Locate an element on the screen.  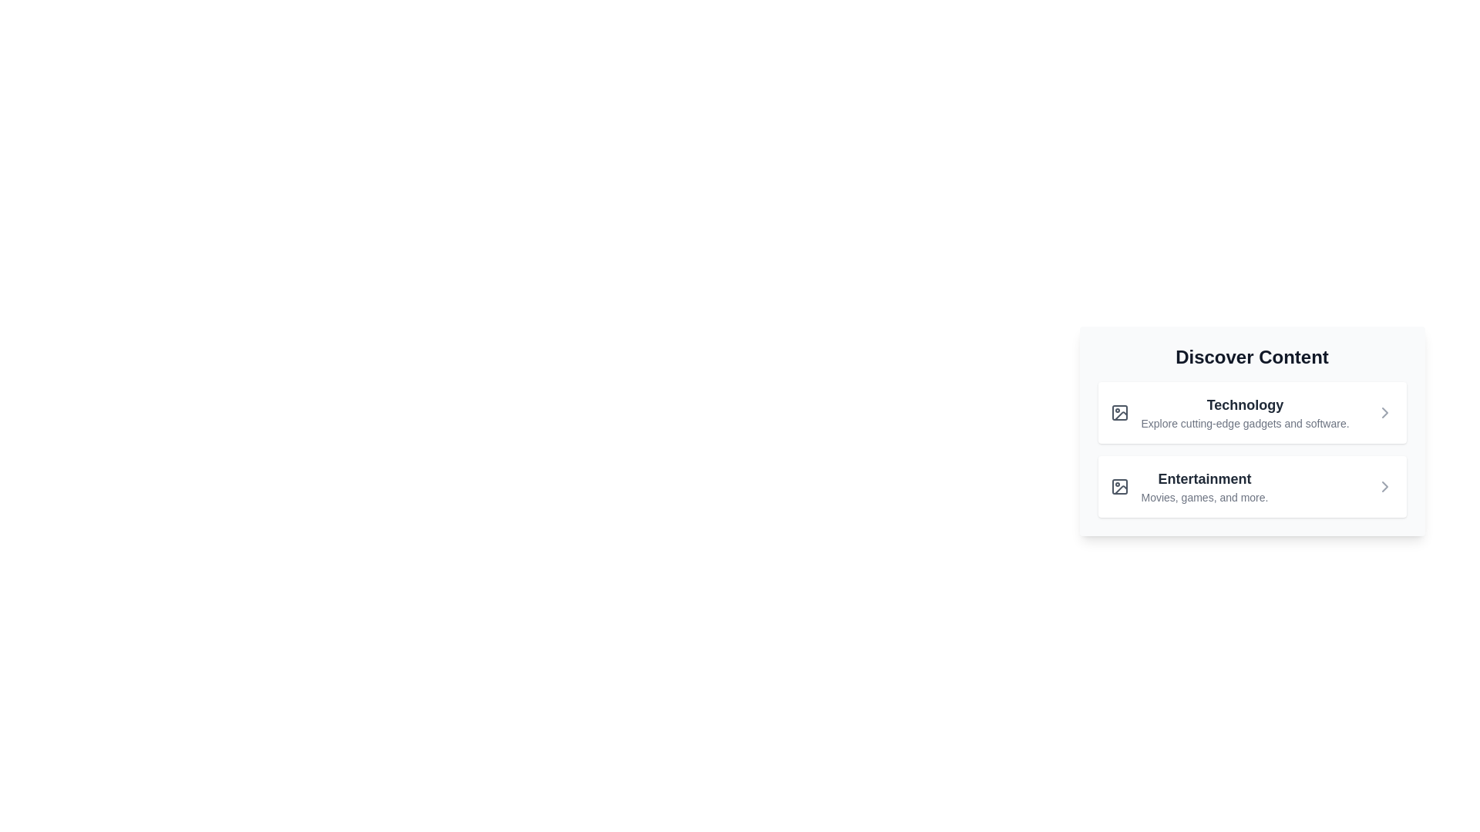
SVG rectangle element that serves as the rectangular background of the icon graphic for development purposes is located at coordinates (1119, 412).